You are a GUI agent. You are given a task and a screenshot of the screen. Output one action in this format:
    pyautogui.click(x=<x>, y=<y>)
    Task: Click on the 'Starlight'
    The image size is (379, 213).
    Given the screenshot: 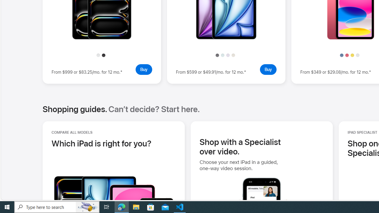 What is the action you would take?
    pyautogui.click(x=233, y=55)
    